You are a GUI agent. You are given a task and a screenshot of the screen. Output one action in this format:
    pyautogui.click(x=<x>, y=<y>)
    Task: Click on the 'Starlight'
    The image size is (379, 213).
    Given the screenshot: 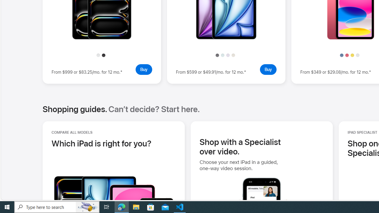 What is the action you would take?
    pyautogui.click(x=233, y=55)
    